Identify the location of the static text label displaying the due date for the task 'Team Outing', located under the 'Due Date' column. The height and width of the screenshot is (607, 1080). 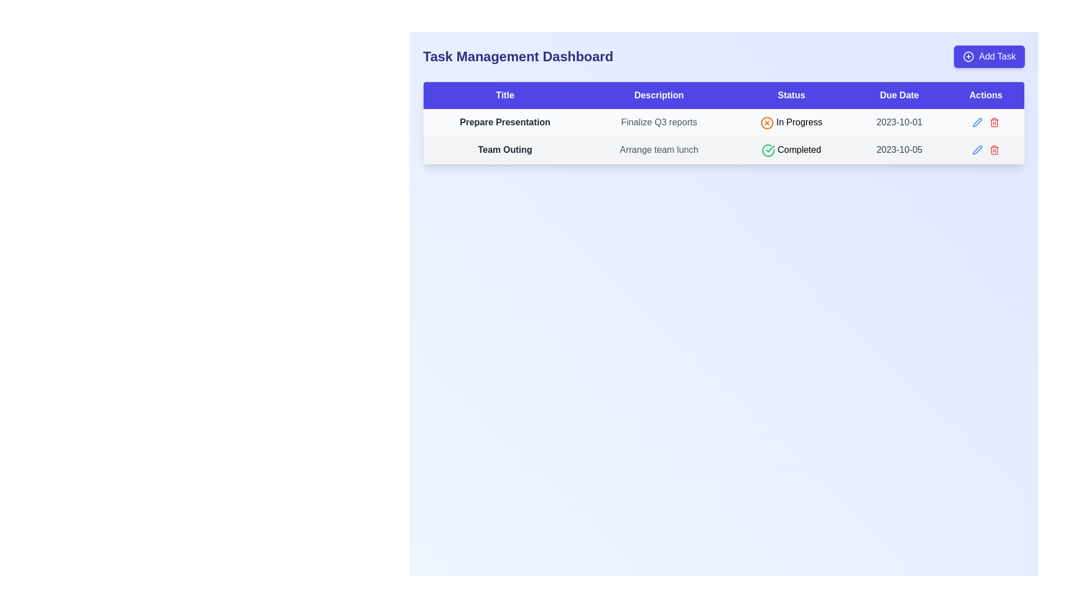
(899, 150).